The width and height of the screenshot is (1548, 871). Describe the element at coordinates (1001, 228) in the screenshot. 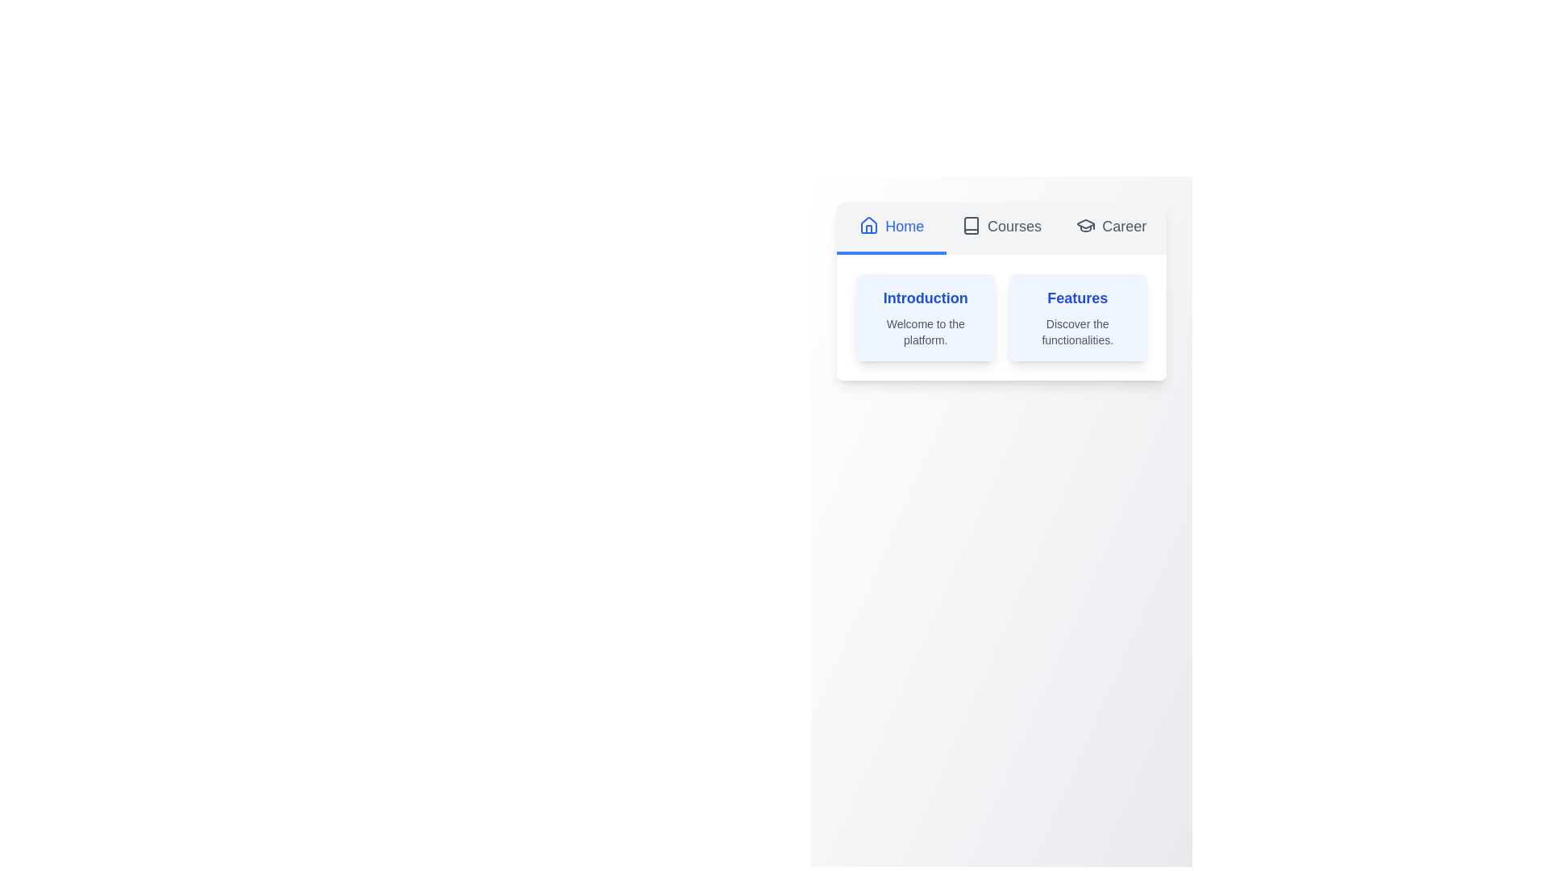

I see `the 'Courses' tab in the navigation bar` at that location.